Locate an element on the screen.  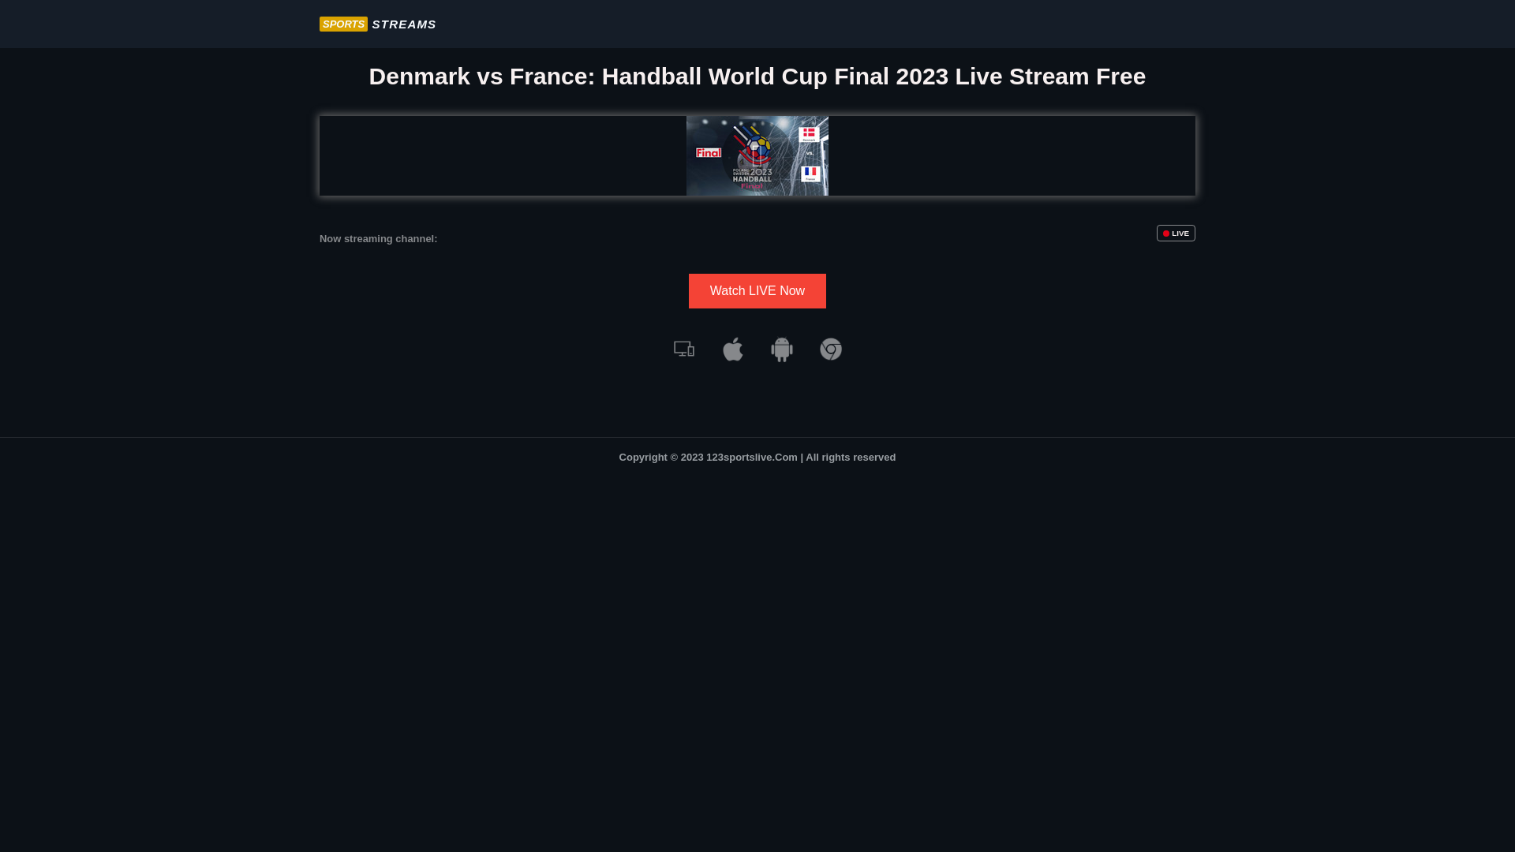
'Watch LIVE Now' is located at coordinates (689, 291).